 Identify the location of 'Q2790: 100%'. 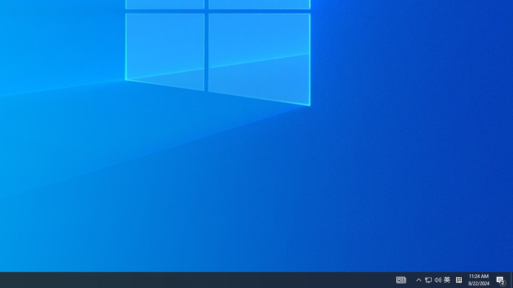
(432, 279).